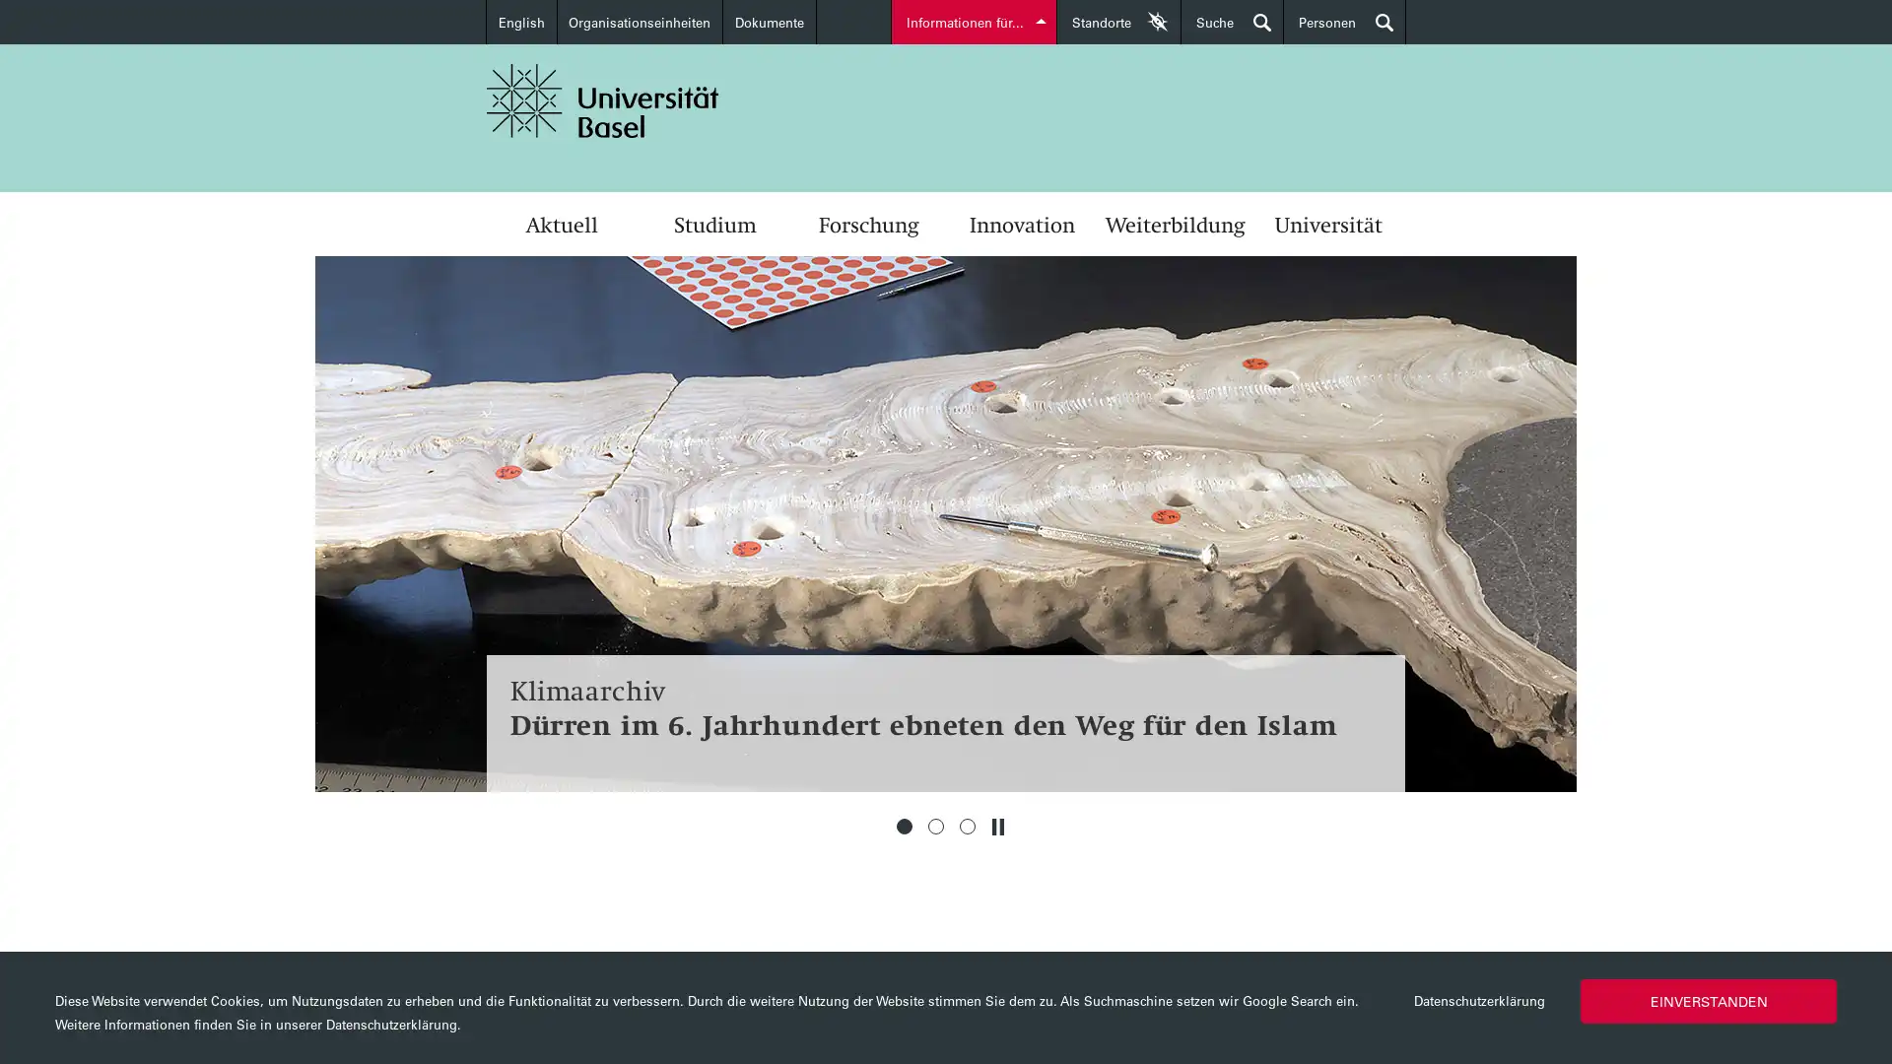 This screenshot has height=1064, width=1892. I want to click on 1, so click(902, 827).